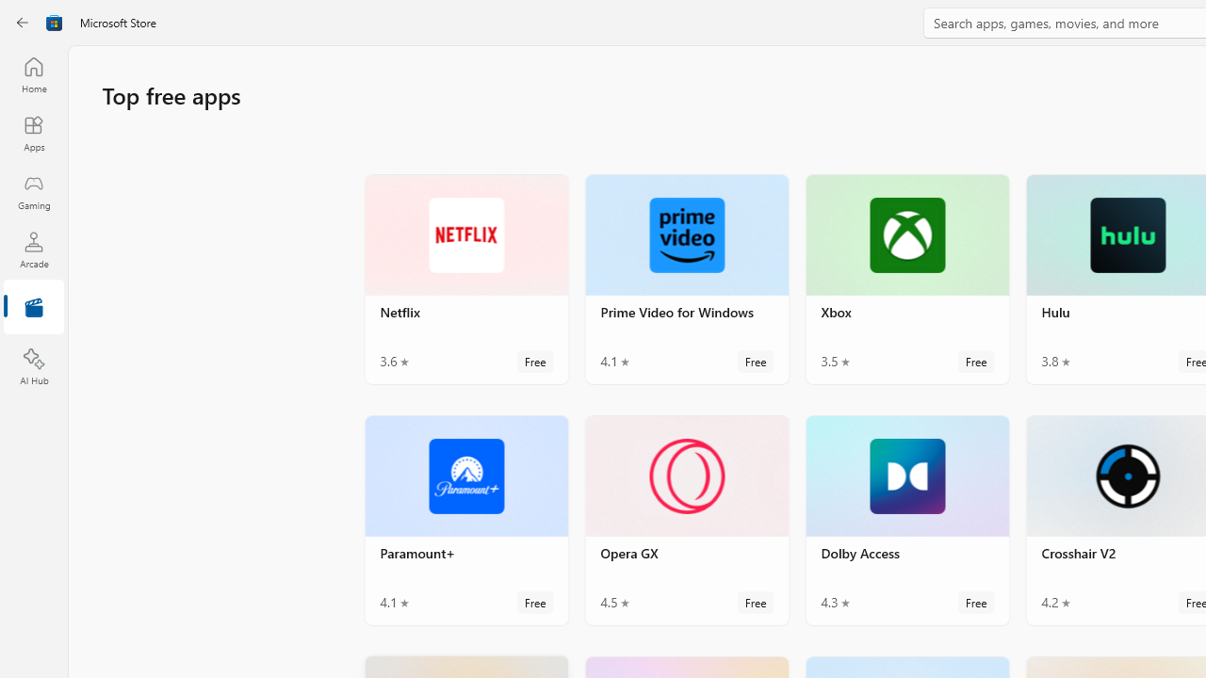 This screenshot has width=1206, height=678. Describe the element at coordinates (23, 23) in the screenshot. I see `'Back'` at that location.